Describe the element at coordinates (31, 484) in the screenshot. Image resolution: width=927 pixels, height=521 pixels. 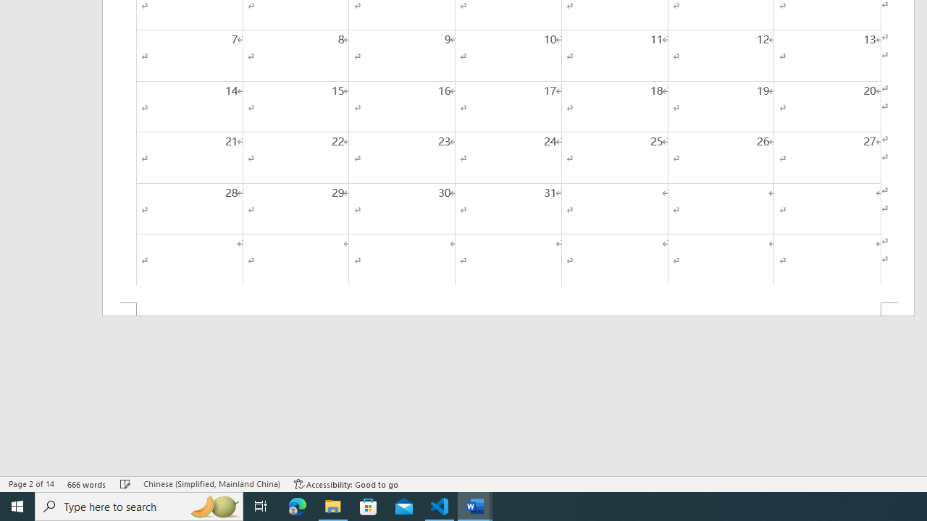
I see `'Page Number Page 2 of 14'` at that location.